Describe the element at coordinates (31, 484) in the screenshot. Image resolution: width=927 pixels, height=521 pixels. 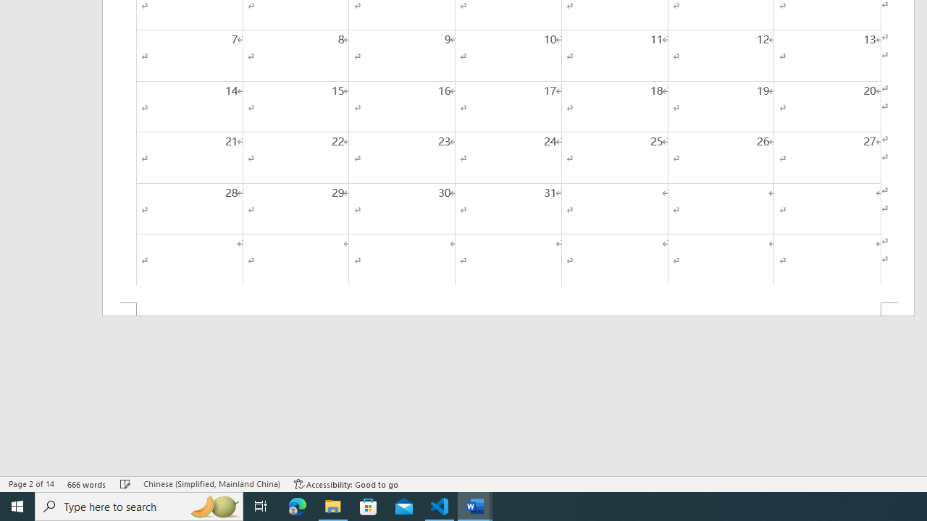
I see `'Page Number Page 2 of 14'` at that location.